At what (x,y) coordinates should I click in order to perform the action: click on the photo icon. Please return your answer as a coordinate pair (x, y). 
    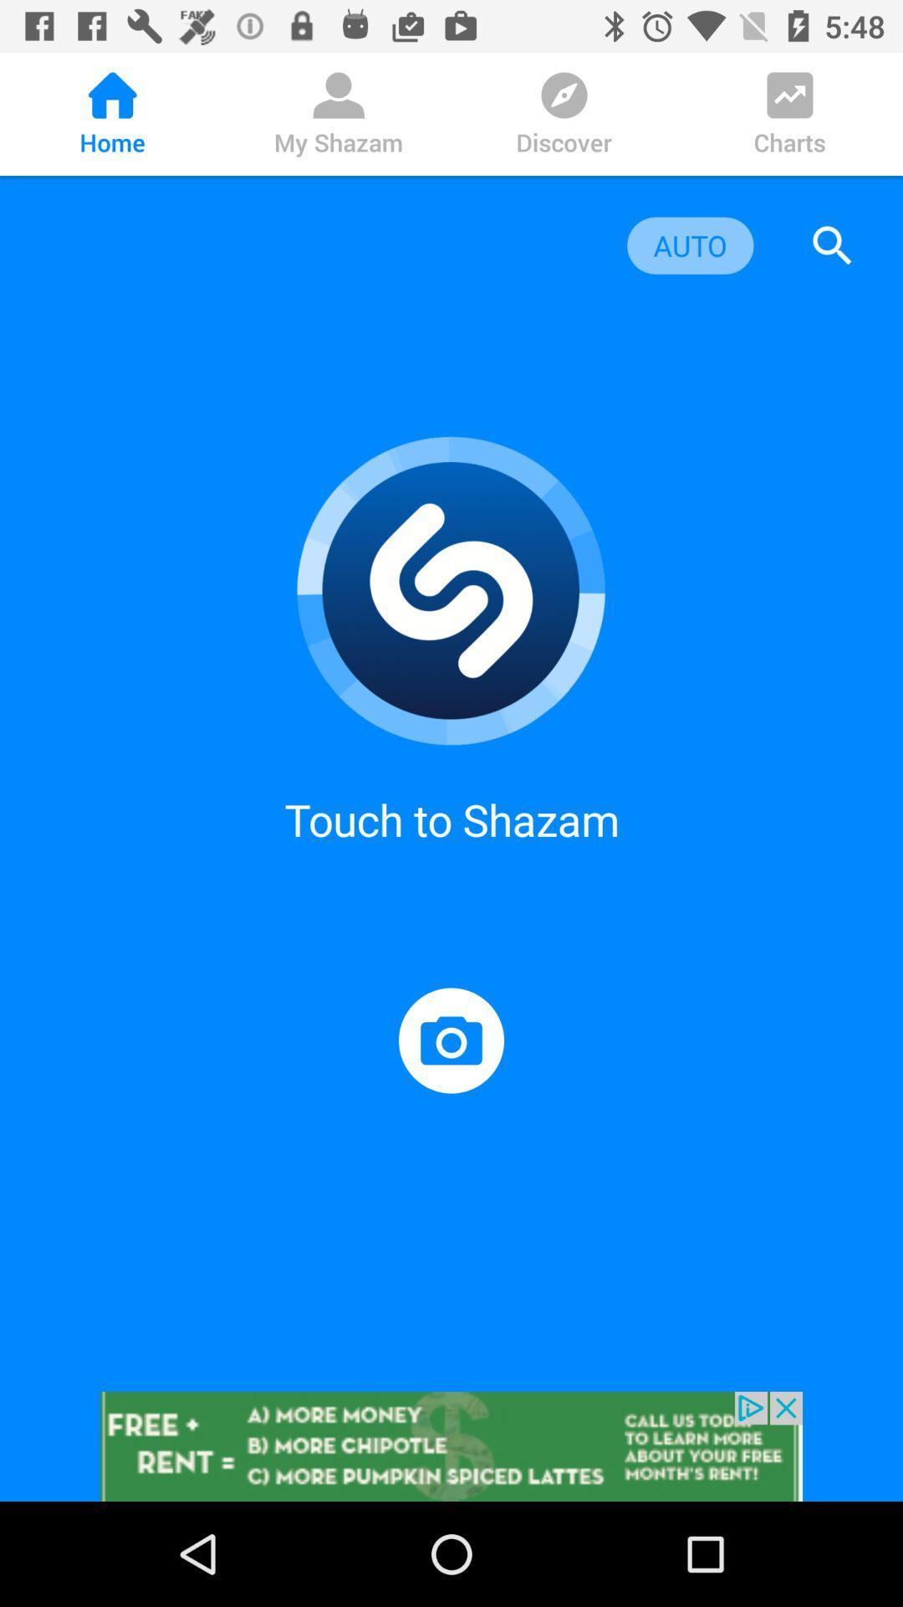
    Looking at the image, I should click on (451, 1040).